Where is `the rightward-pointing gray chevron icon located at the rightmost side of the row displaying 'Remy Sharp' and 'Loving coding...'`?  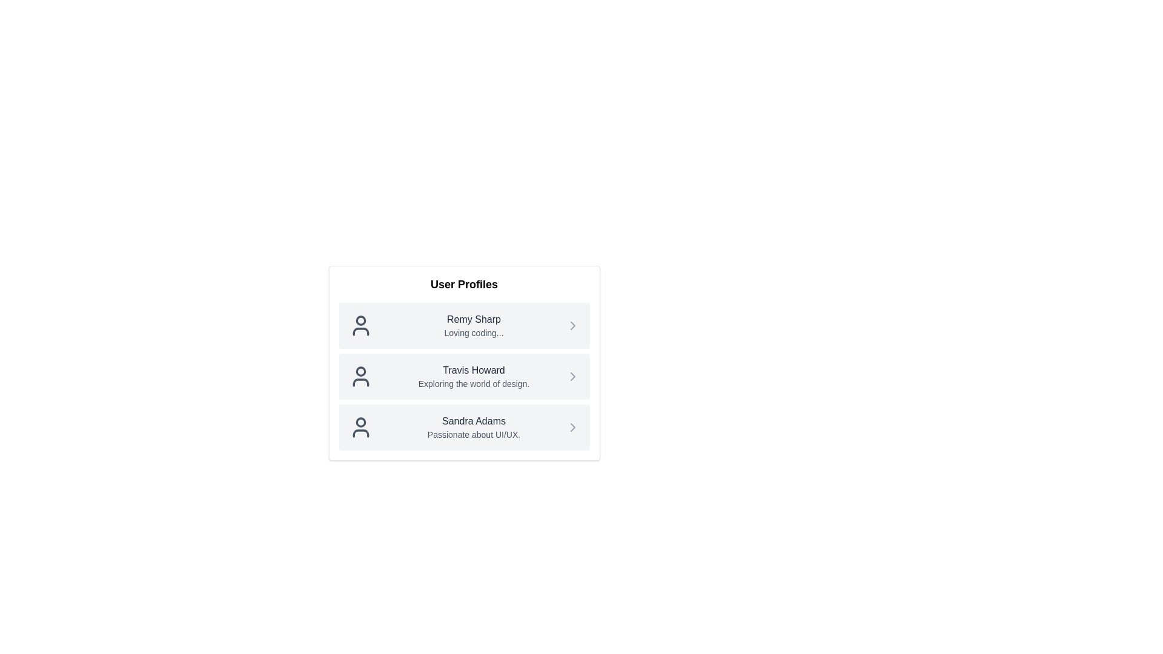 the rightward-pointing gray chevron icon located at the rightmost side of the row displaying 'Remy Sharp' and 'Loving coding...' is located at coordinates (572, 325).